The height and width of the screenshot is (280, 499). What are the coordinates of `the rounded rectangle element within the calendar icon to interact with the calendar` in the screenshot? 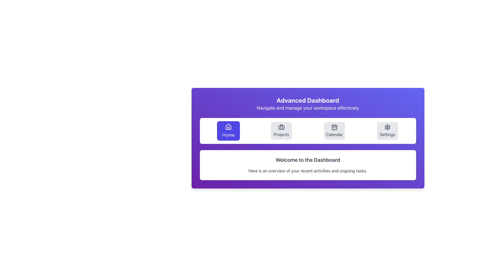 It's located at (334, 128).